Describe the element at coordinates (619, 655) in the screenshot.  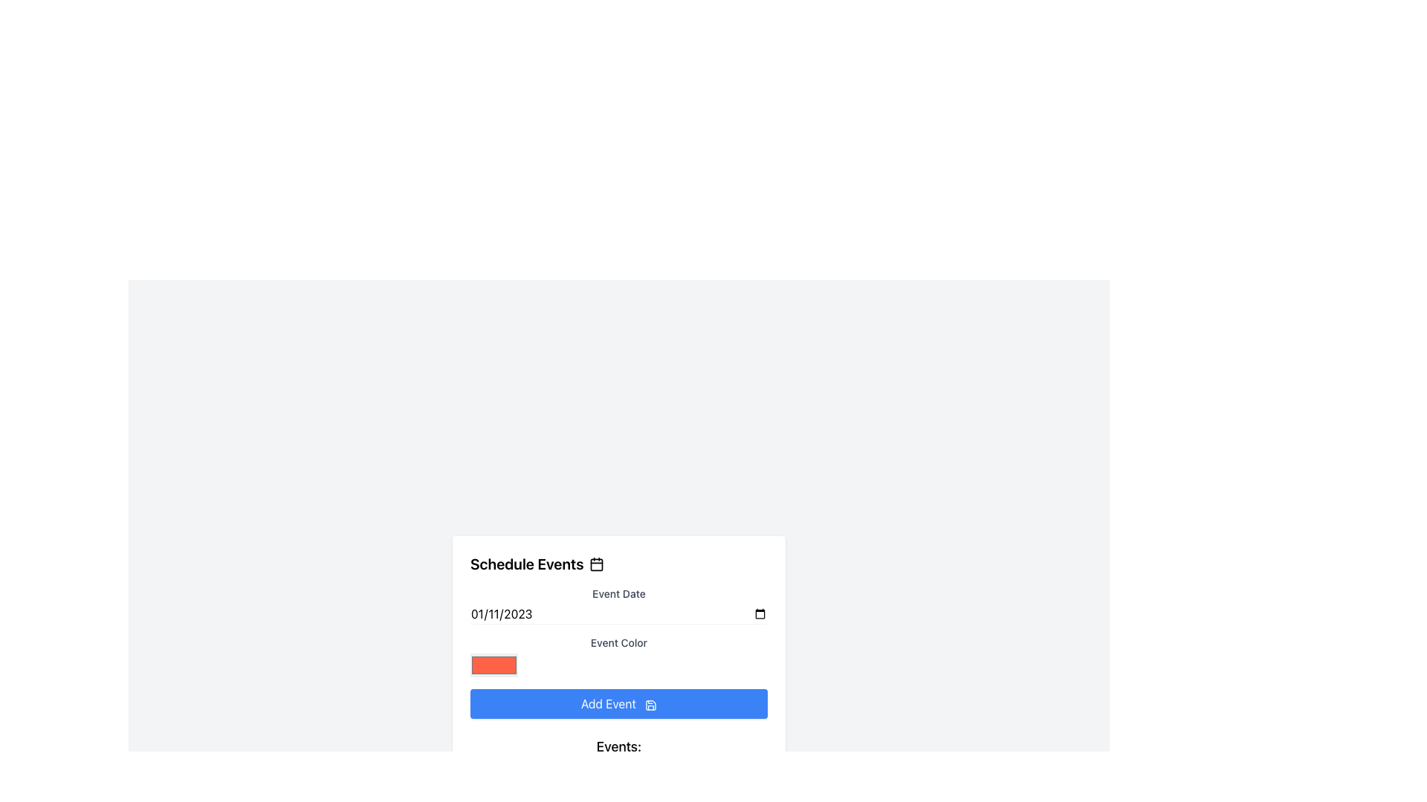
I see `the Color picker element located in the middle section of the pop-up form, directly below the 'Event Date' field and above the 'Add Event' button` at that location.